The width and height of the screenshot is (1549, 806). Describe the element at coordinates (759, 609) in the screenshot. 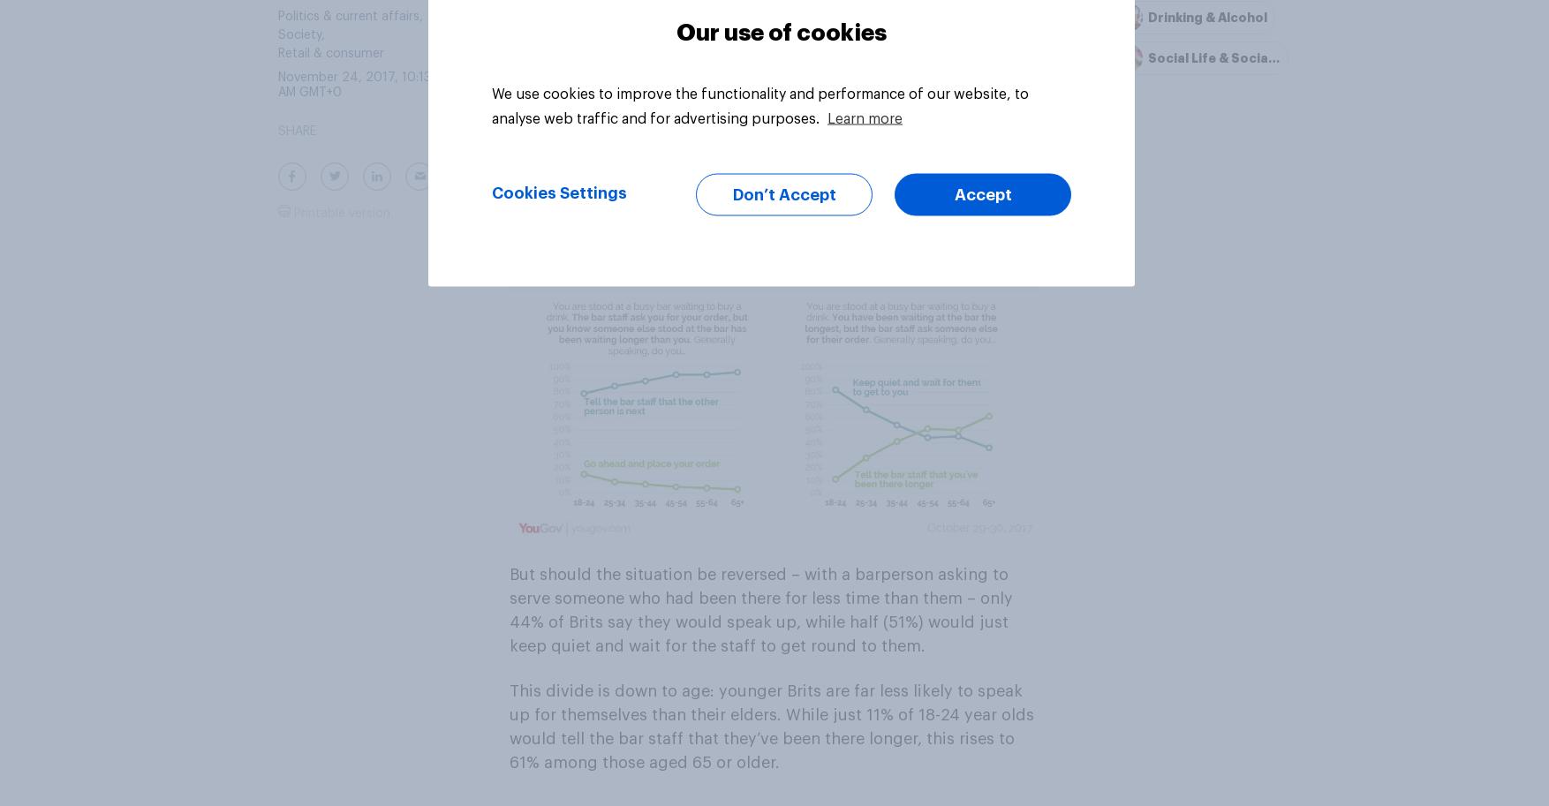

I see `'But should the situation be reversed – with a barperson asking to serve someone who had been there for less time than them – only 44% of Brits say they would speak up, while half (51%) would just keep quiet and wait for the staff to get round to them.'` at that location.